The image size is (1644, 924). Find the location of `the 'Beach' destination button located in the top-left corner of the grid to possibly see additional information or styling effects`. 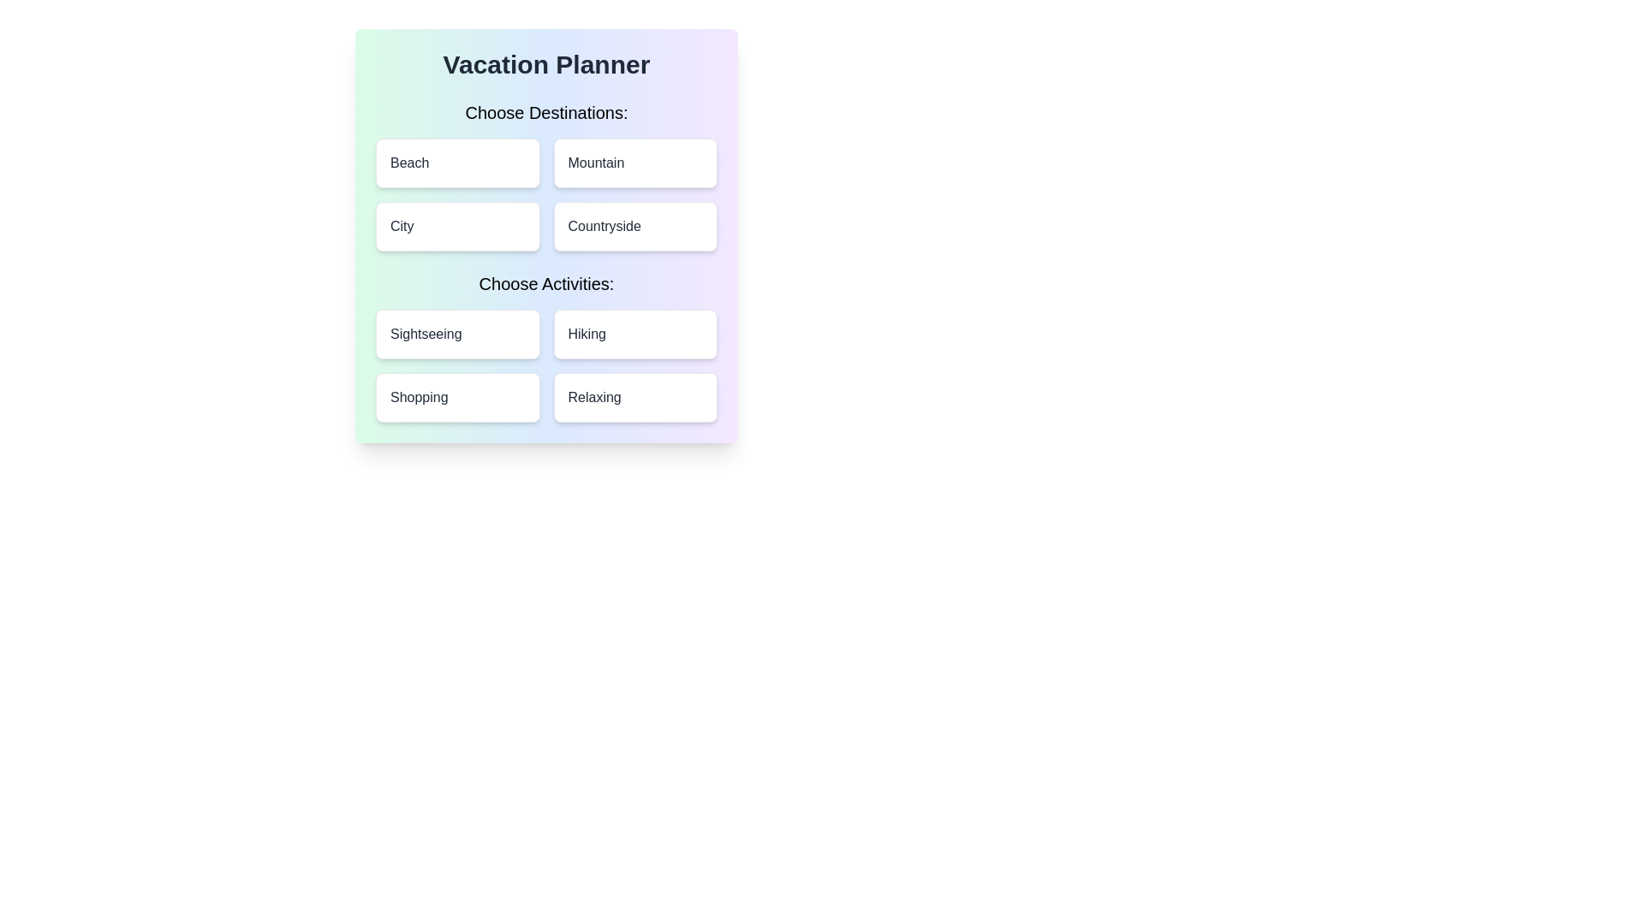

the 'Beach' destination button located in the top-left corner of the grid to possibly see additional information or styling effects is located at coordinates (457, 163).